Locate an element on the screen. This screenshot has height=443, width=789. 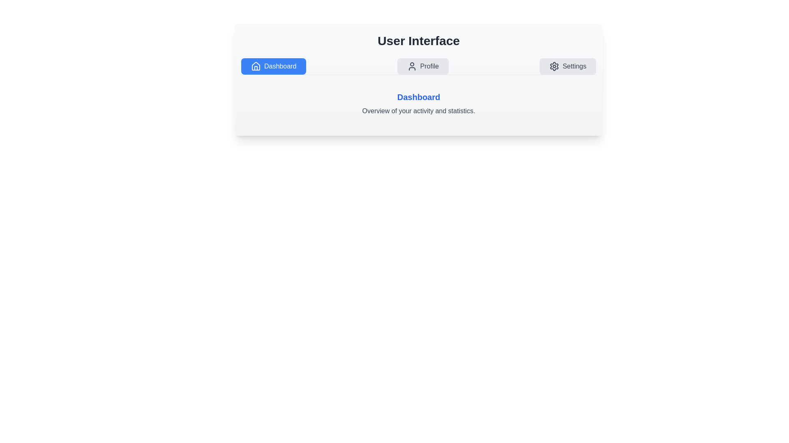
the Dashboard tab to view its content is located at coordinates (274, 66).